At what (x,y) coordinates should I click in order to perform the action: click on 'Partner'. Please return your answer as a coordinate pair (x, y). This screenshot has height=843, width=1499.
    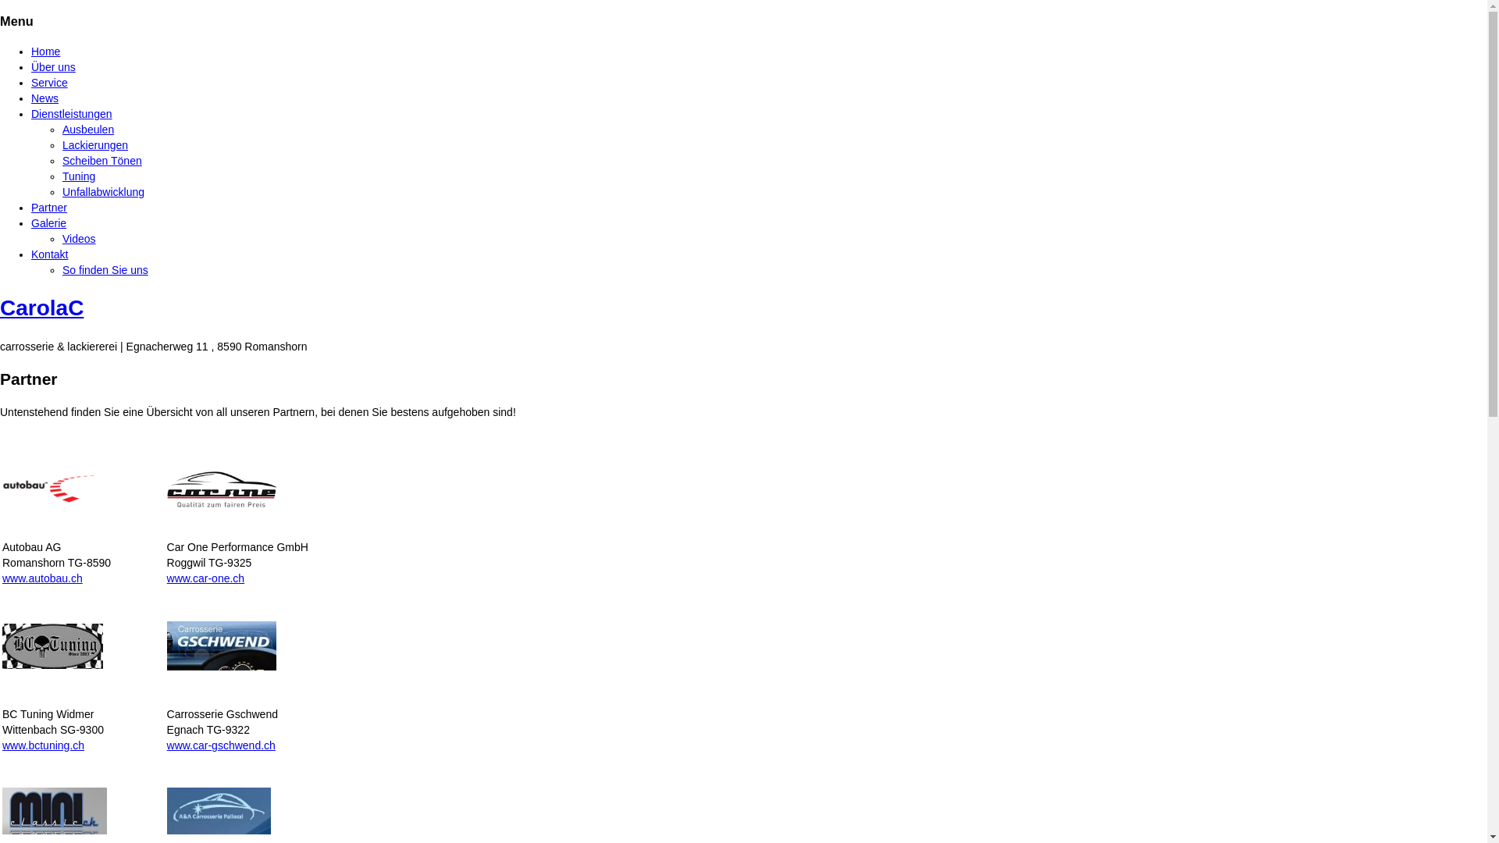
    Looking at the image, I should click on (48, 207).